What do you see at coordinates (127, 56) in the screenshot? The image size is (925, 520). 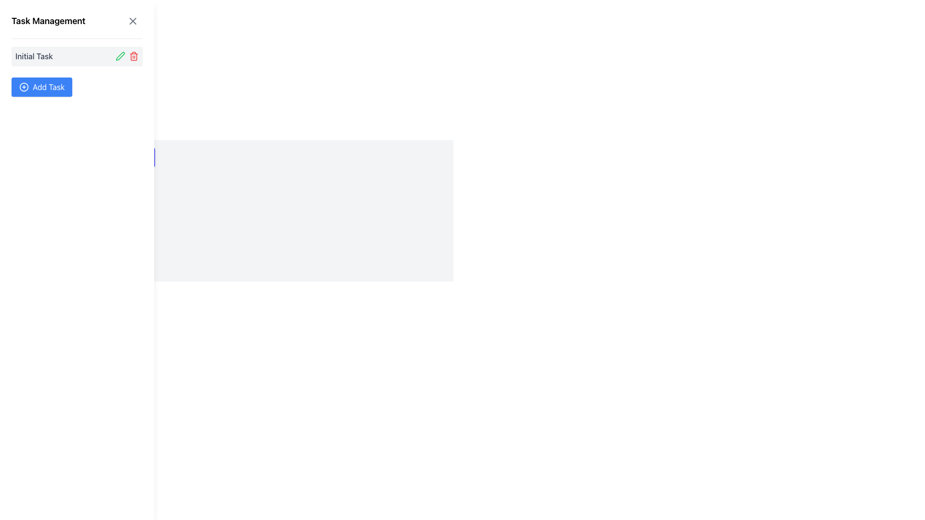 I see `the group of interactive icons for task management functions located to the right of the 'Initial Task' label` at bounding box center [127, 56].